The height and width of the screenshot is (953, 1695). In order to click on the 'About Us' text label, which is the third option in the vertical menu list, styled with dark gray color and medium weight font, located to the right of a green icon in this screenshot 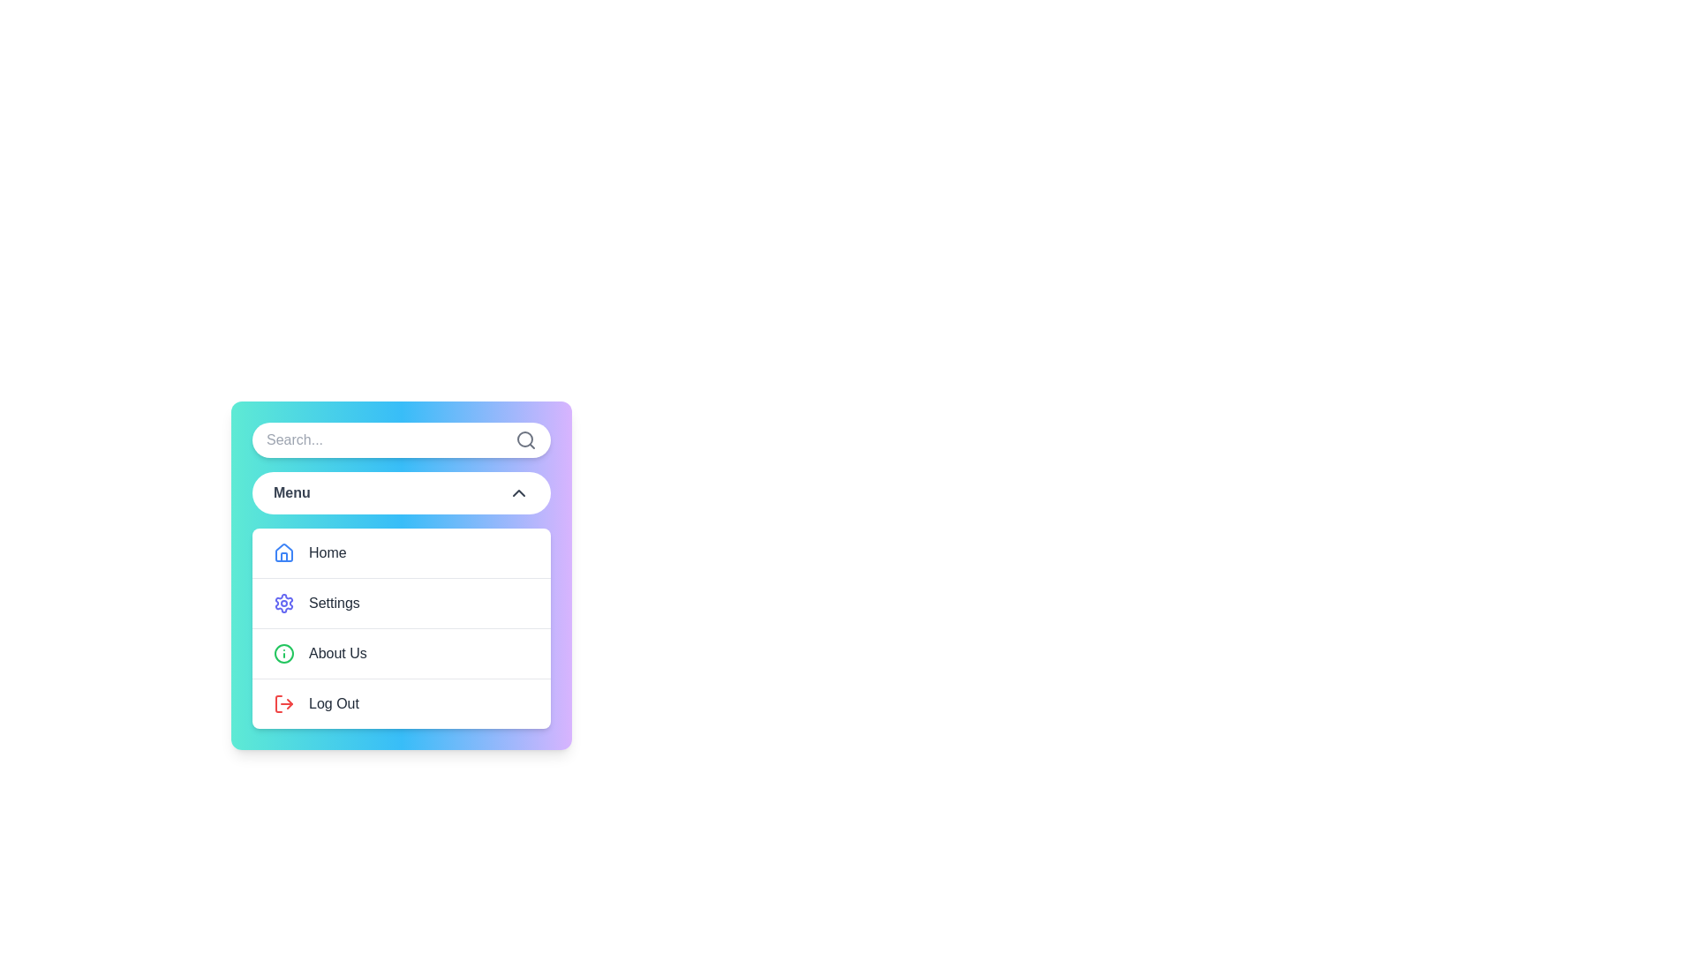, I will do `click(337, 653)`.